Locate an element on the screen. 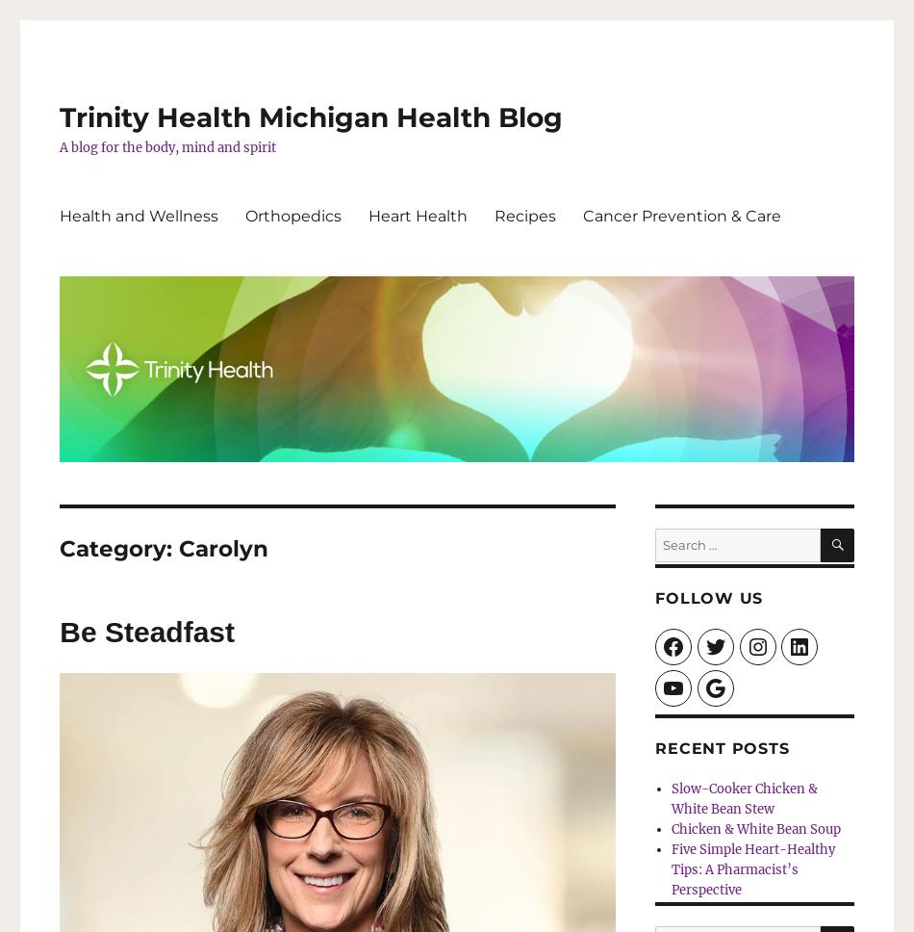 This screenshot has width=914, height=932. 'Health and Wellness' is located at coordinates (139, 214).